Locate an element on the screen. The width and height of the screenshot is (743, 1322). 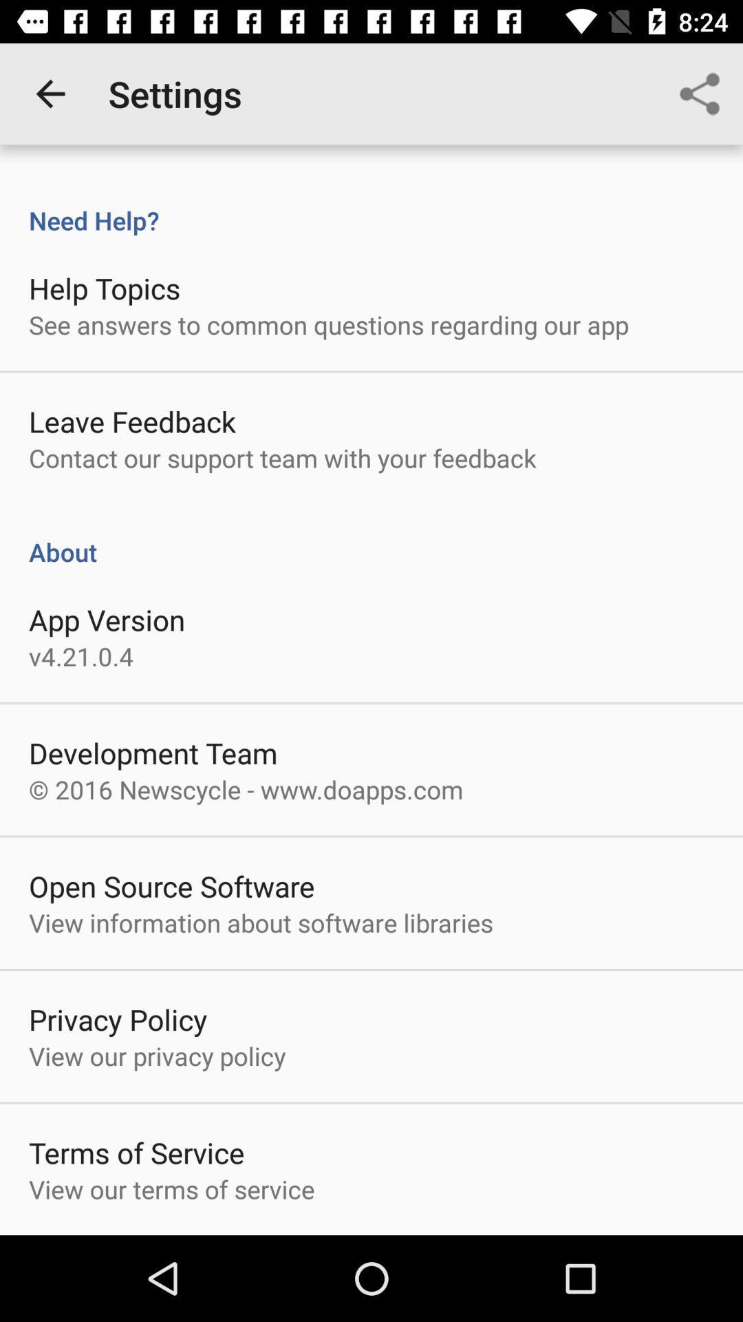
the 2016 newscycle www item is located at coordinates (245, 789).